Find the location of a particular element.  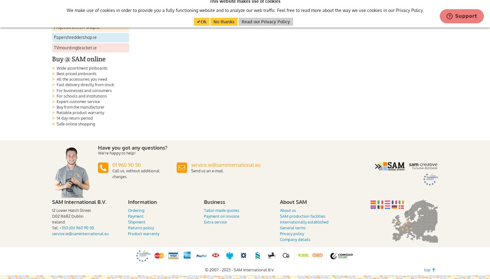

'top' is located at coordinates (424, 269).